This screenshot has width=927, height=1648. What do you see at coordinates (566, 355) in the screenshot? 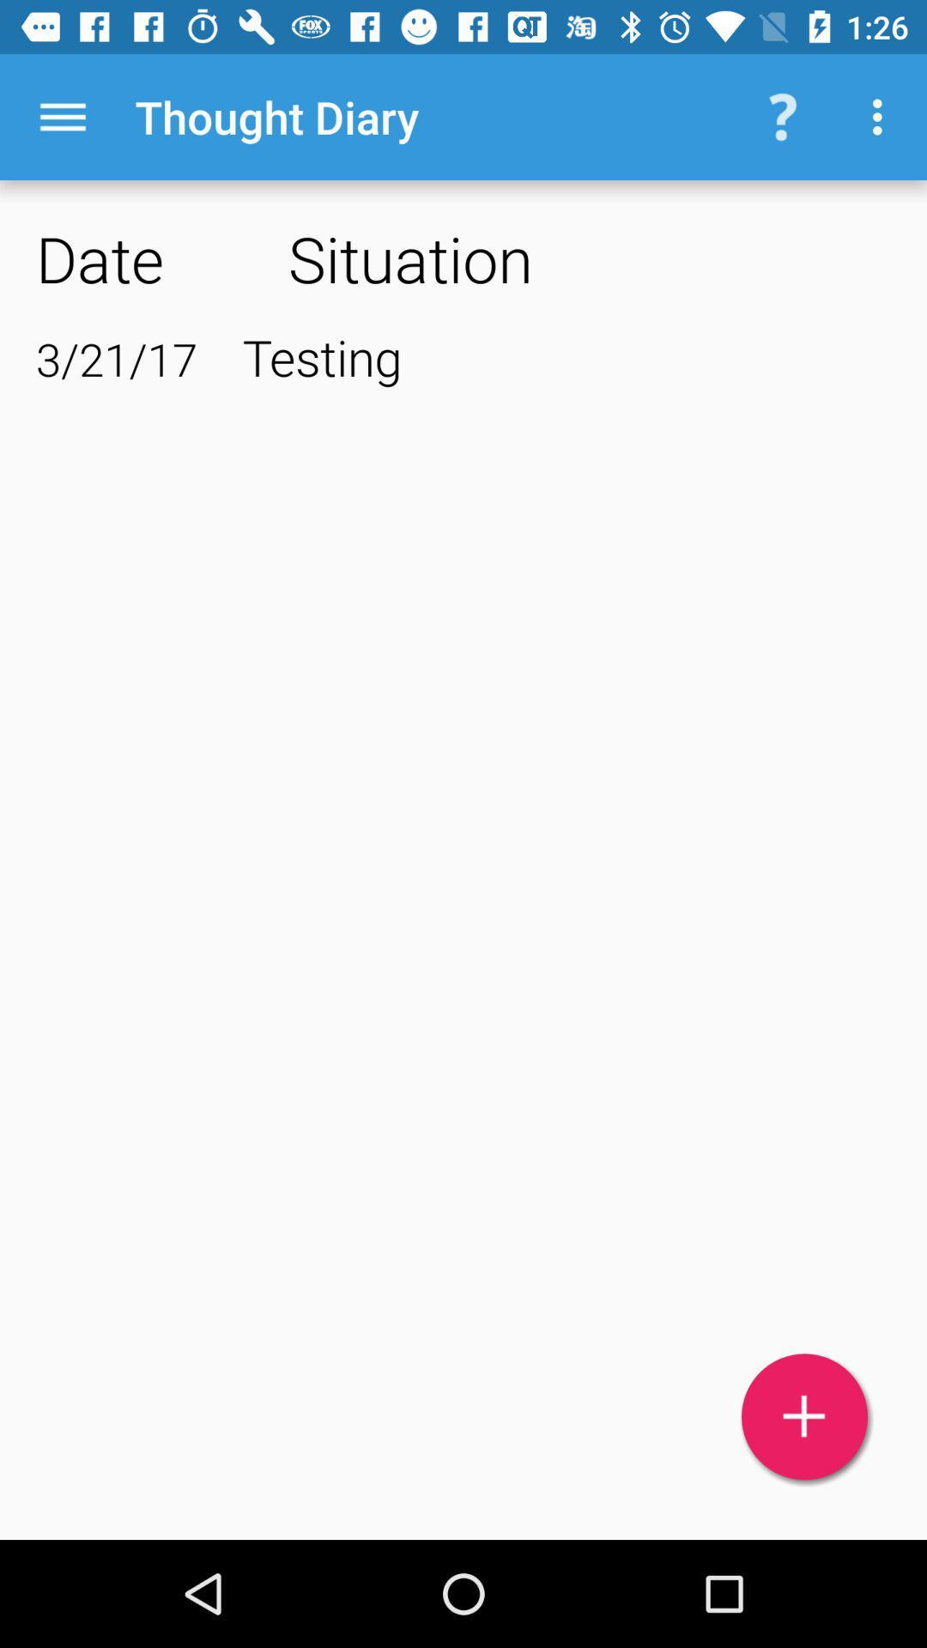
I see `item to the right of the 3/21/17 item` at bounding box center [566, 355].